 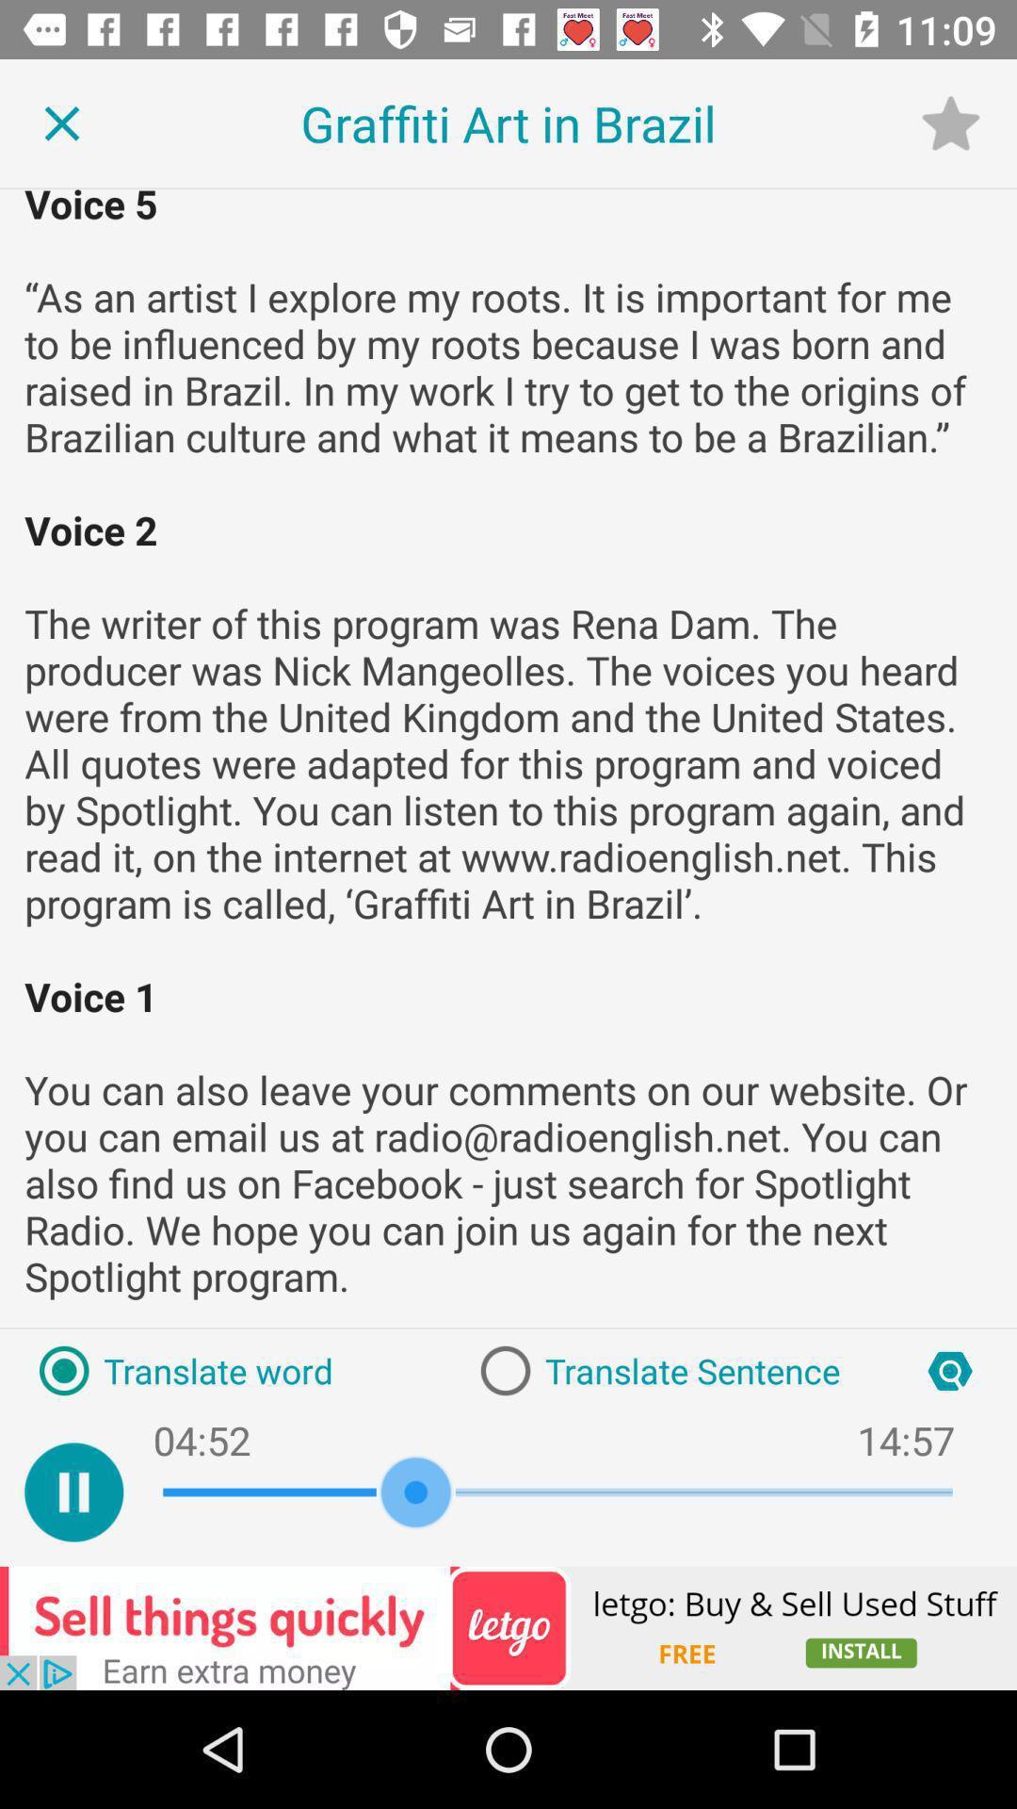 What do you see at coordinates (950, 122) in the screenshot?
I see `the star icon` at bounding box center [950, 122].